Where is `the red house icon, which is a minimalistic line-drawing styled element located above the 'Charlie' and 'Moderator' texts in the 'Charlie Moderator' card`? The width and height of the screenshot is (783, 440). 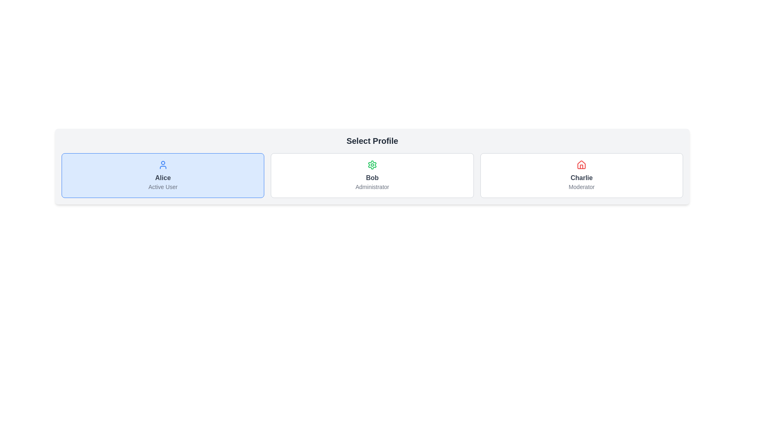
the red house icon, which is a minimalistic line-drawing styled element located above the 'Charlie' and 'Moderator' texts in the 'Charlie Moderator' card is located at coordinates (581, 165).